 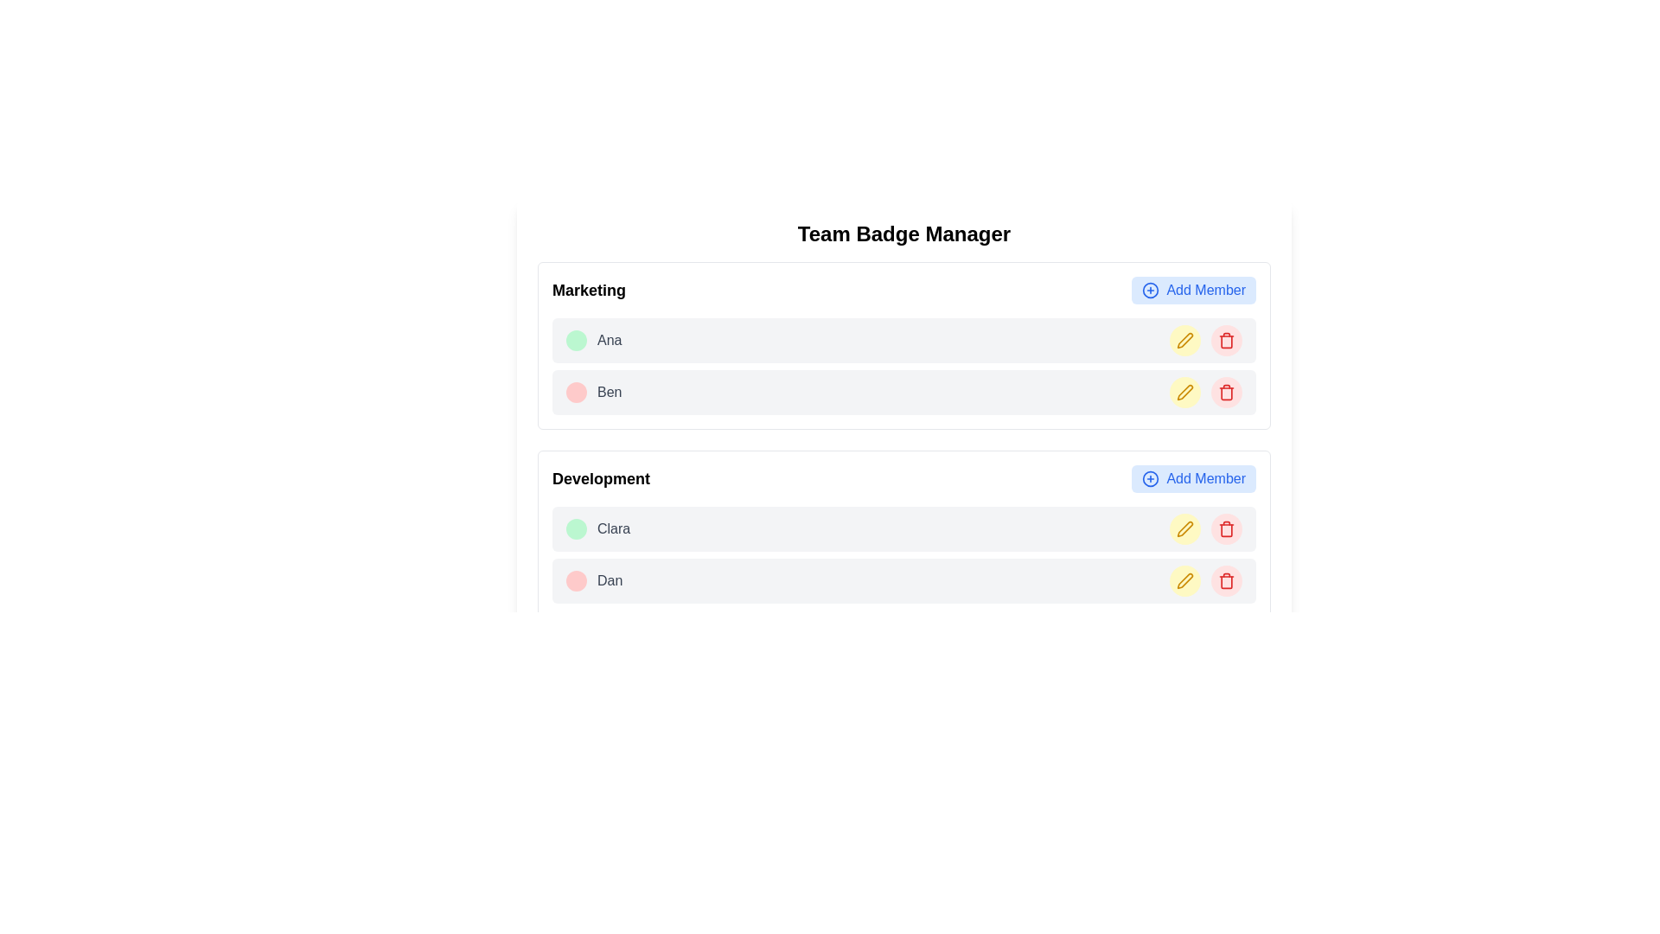 What do you see at coordinates (1151, 479) in the screenshot?
I see `the circular icon with a blue border containing a plus sign, located within the 'Add Member' button in the 'Development' section, to potentially view a tooltip` at bounding box center [1151, 479].